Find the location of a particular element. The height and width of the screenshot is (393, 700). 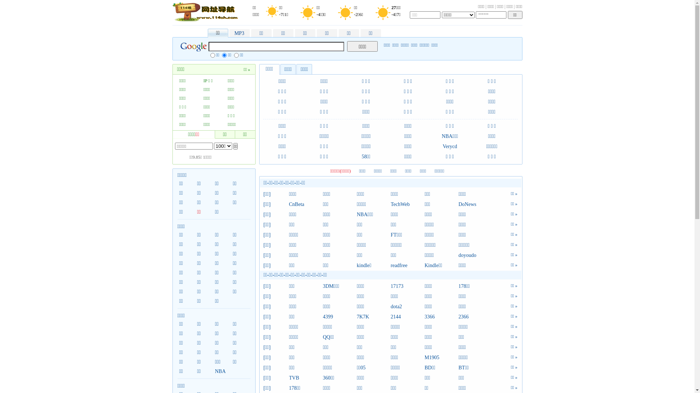

'M1905' is located at coordinates (441, 357).